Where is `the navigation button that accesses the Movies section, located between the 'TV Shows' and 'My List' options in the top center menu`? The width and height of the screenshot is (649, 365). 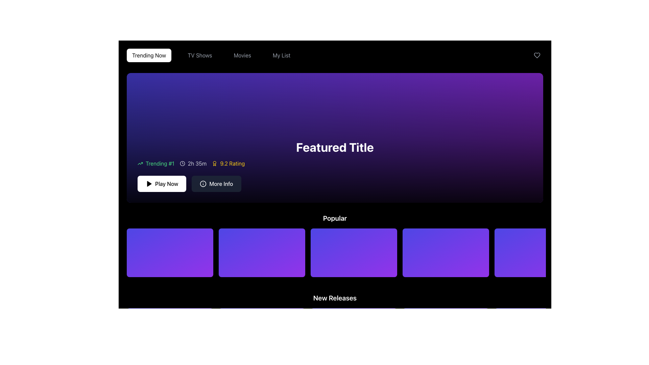 the navigation button that accesses the Movies section, located between the 'TV Shows' and 'My List' options in the top center menu is located at coordinates (242, 55).